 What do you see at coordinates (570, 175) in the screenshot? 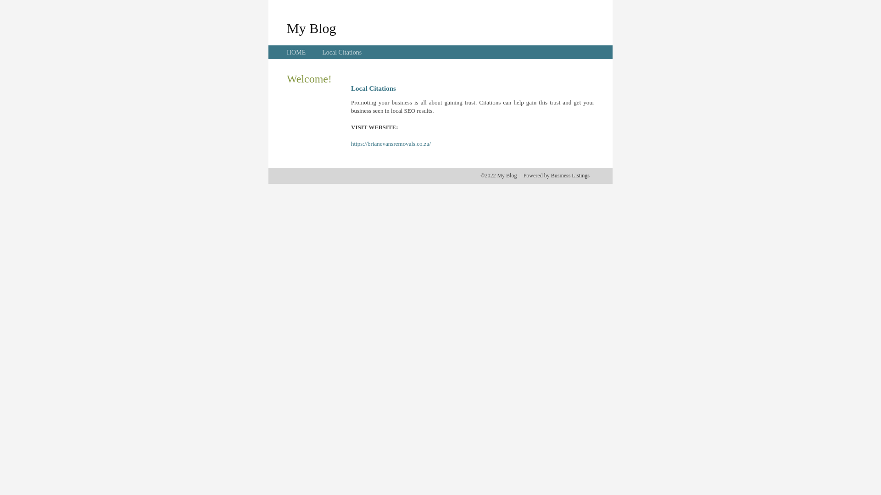
I see `'Business Listings'` at bounding box center [570, 175].